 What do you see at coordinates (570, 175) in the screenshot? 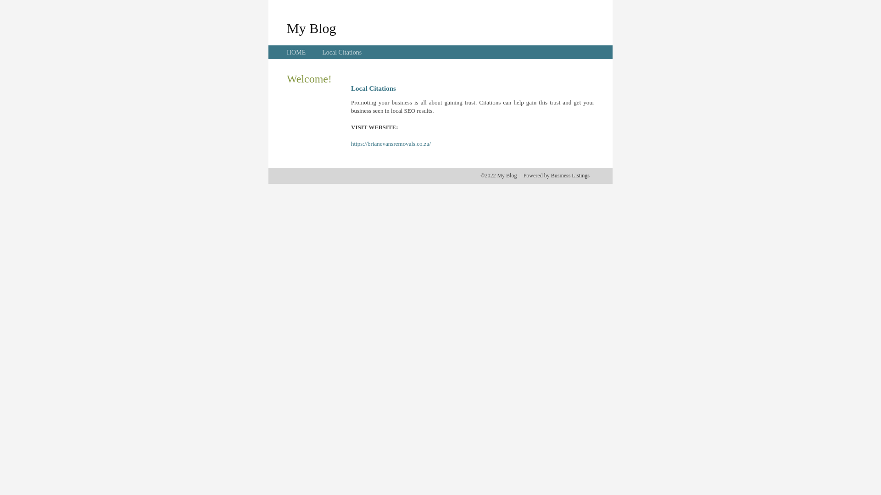
I see `'Business Listings'` at bounding box center [570, 175].